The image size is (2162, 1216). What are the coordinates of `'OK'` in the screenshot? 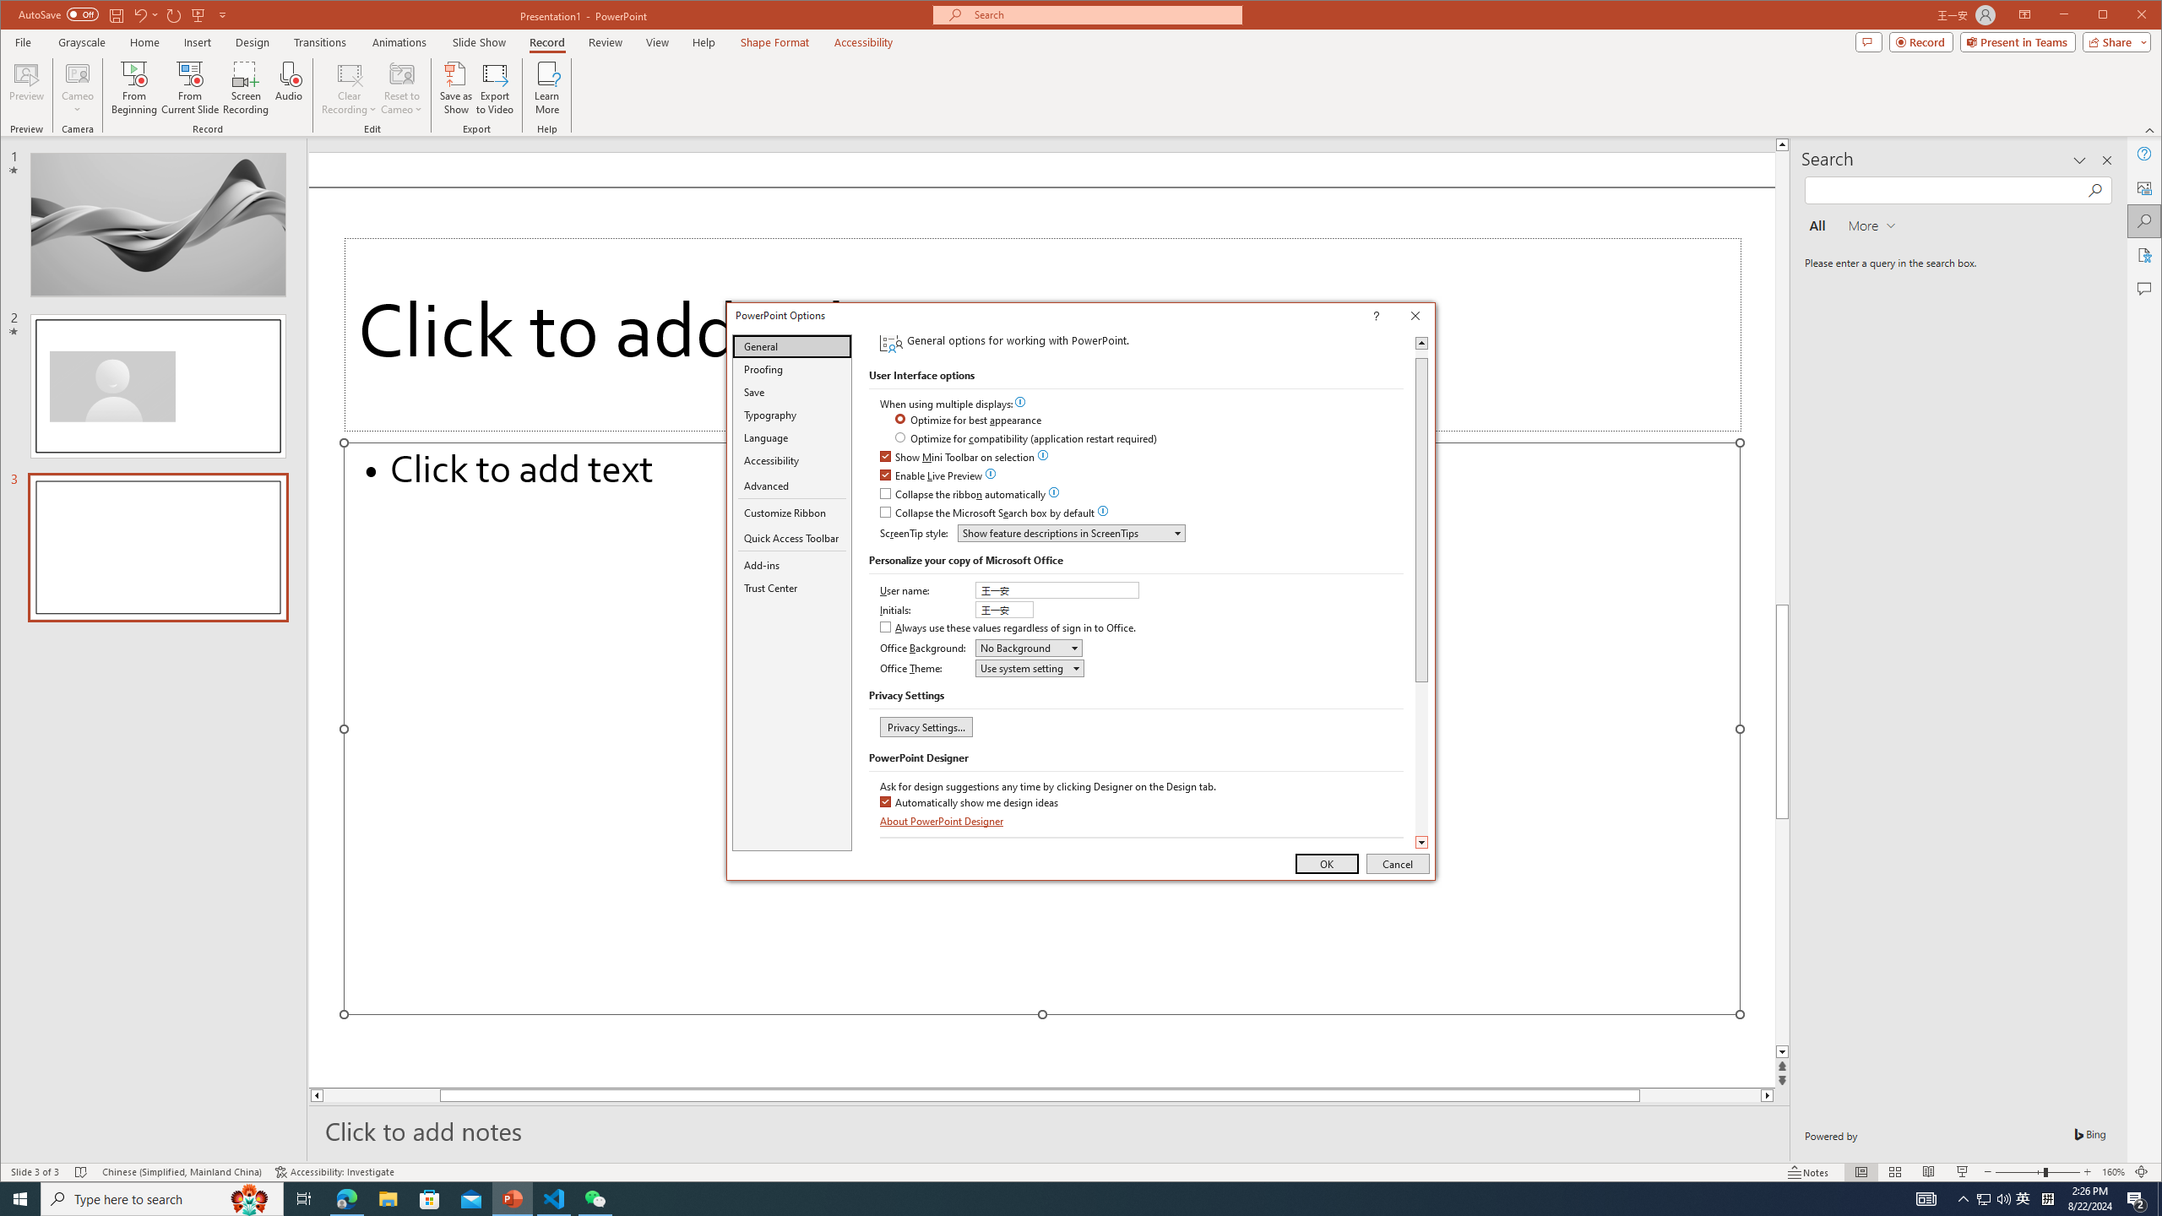 It's located at (1326, 863).